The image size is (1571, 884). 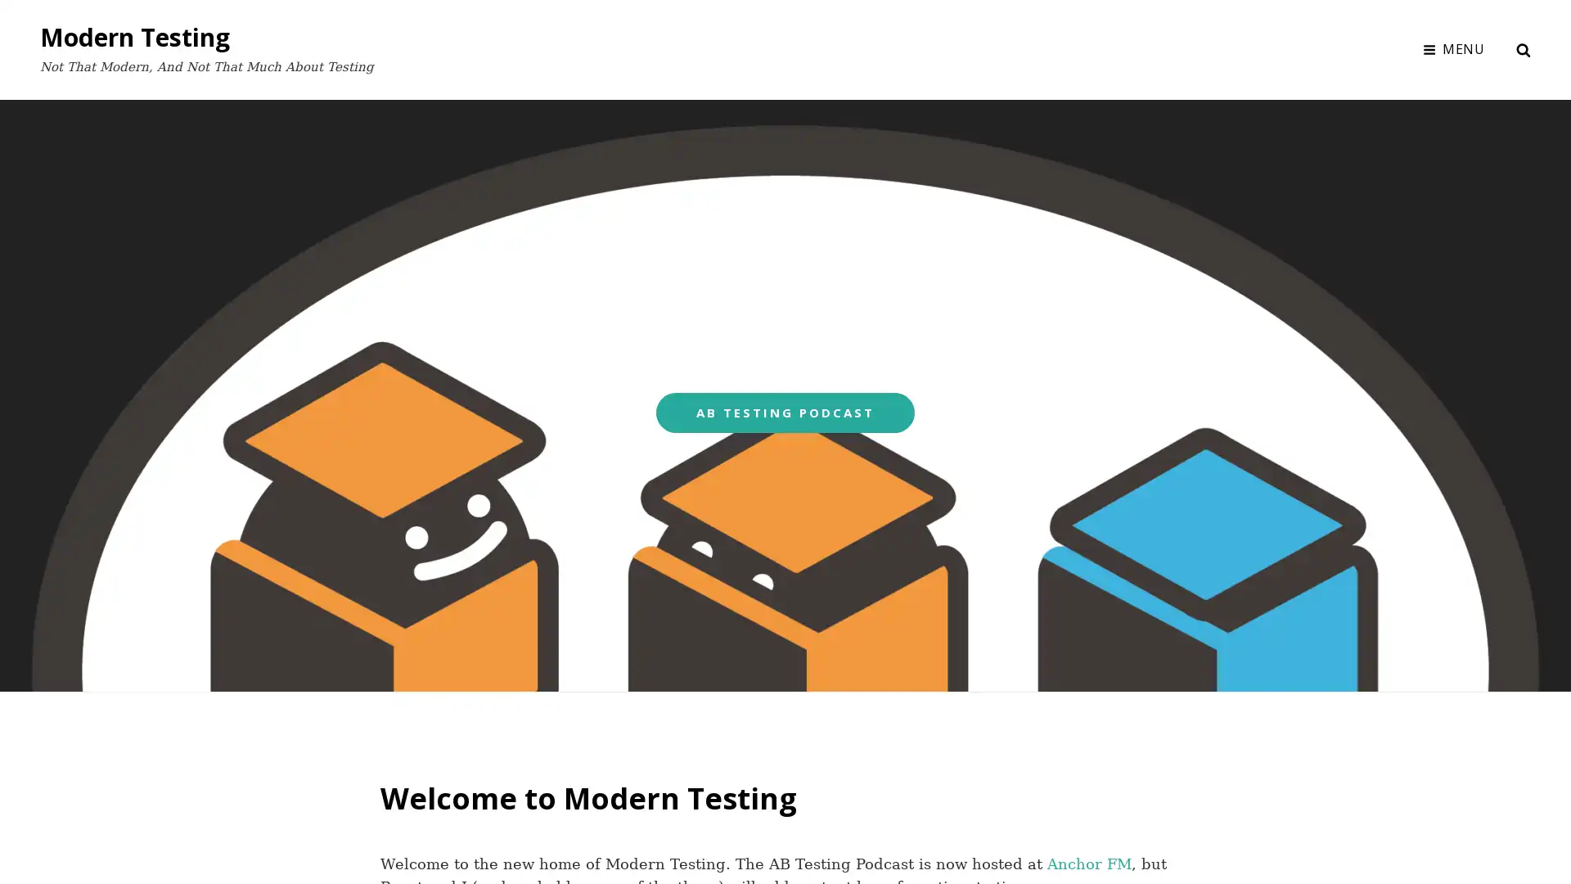 I want to click on SEARCH, so click(x=1523, y=48).